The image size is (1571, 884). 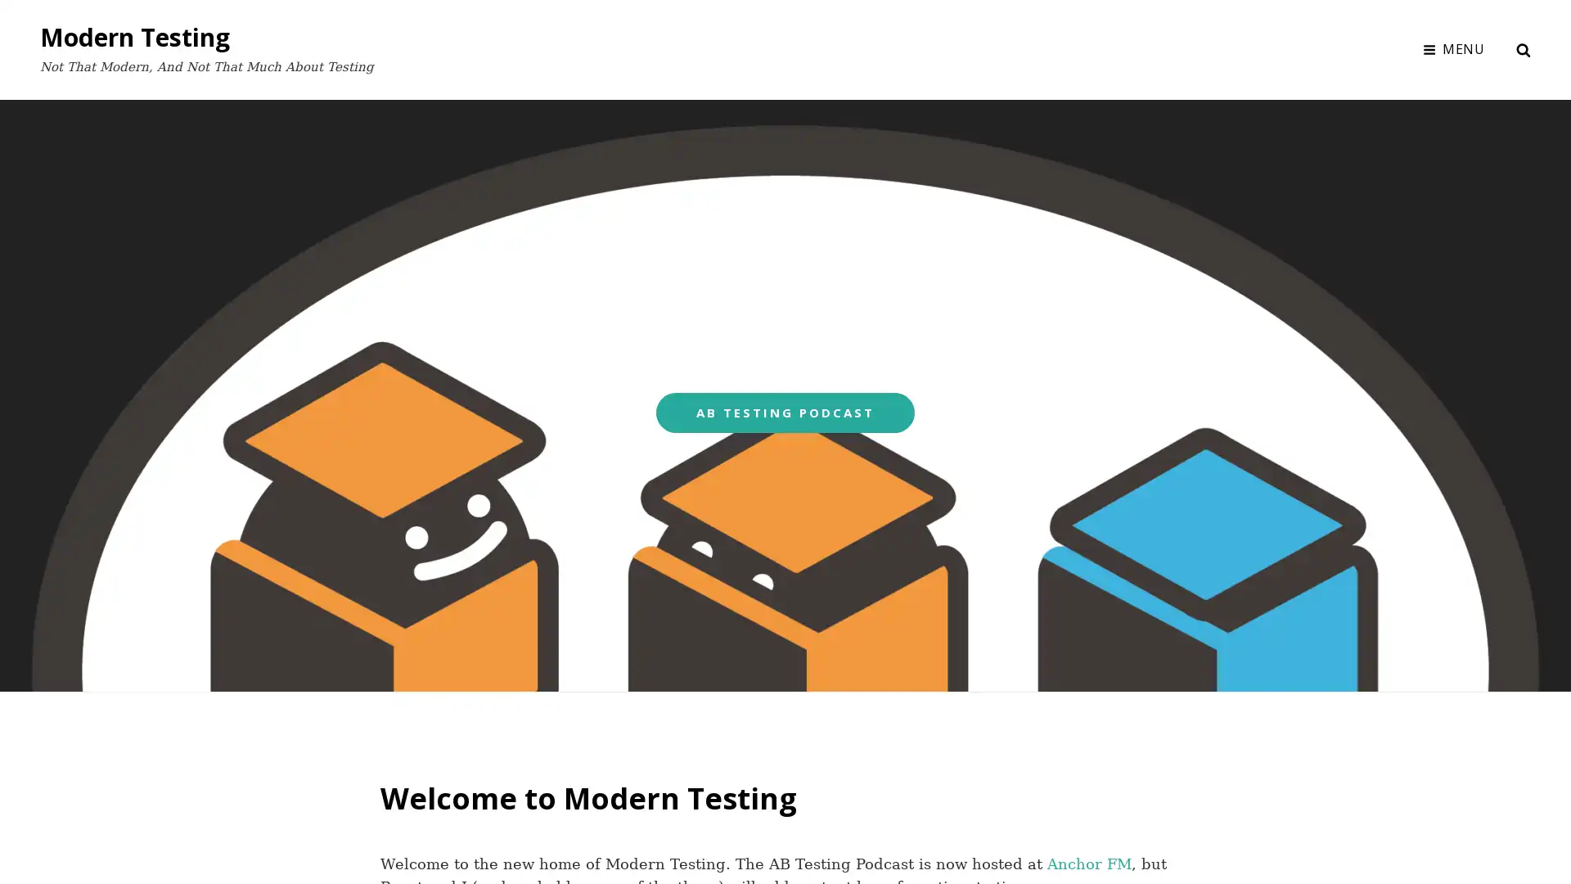 I want to click on SEARCH, so click(x=1523, y=48).